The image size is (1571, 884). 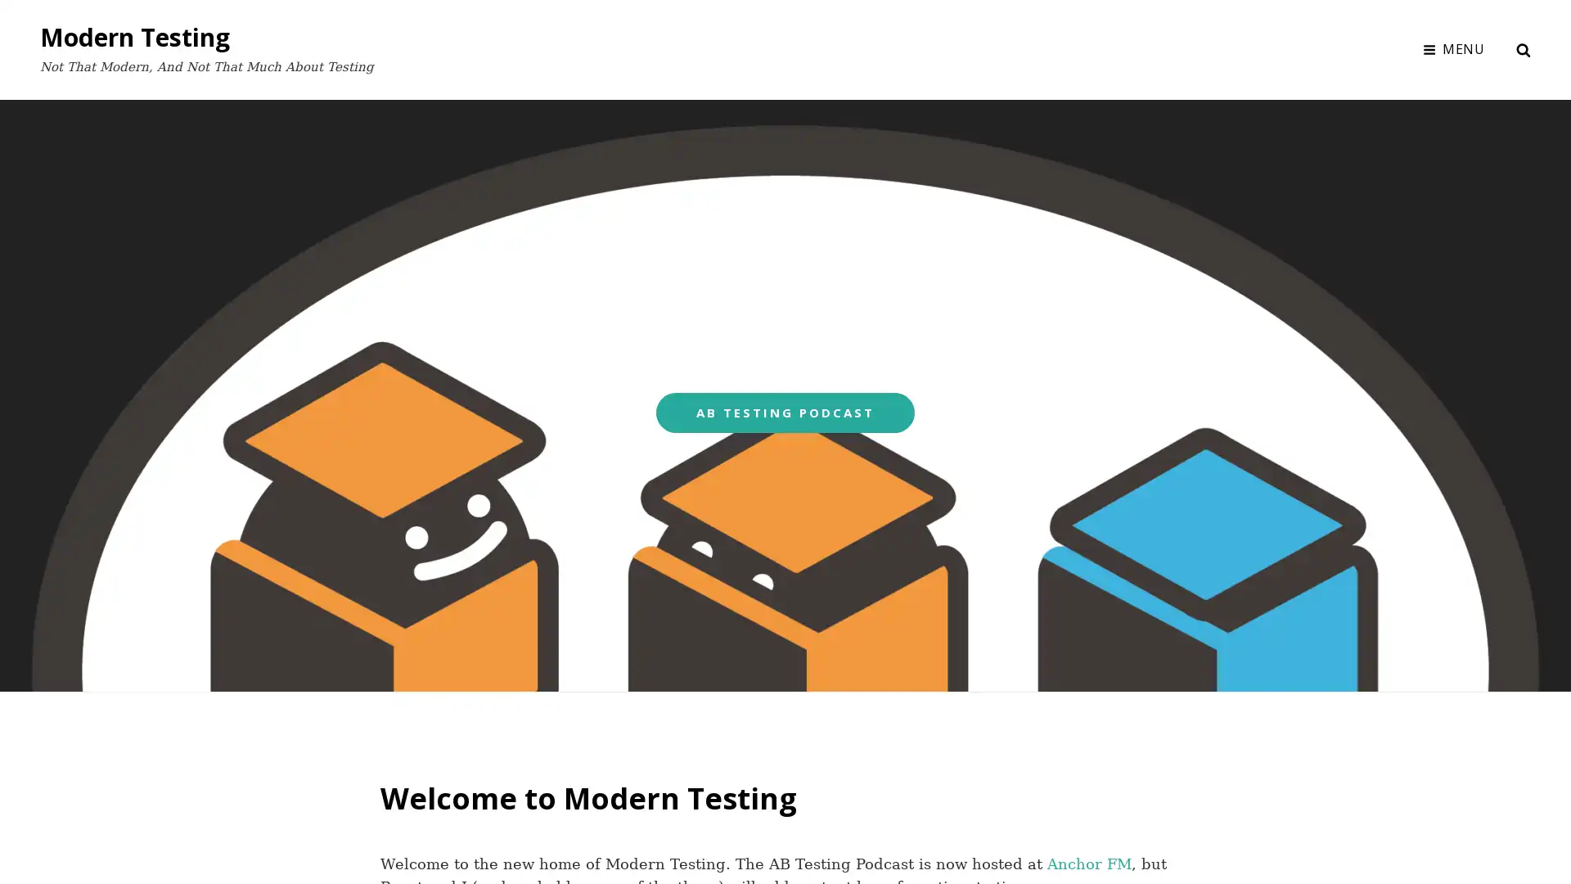 I want to click on SEARCH, so click(x=1523, y=48).